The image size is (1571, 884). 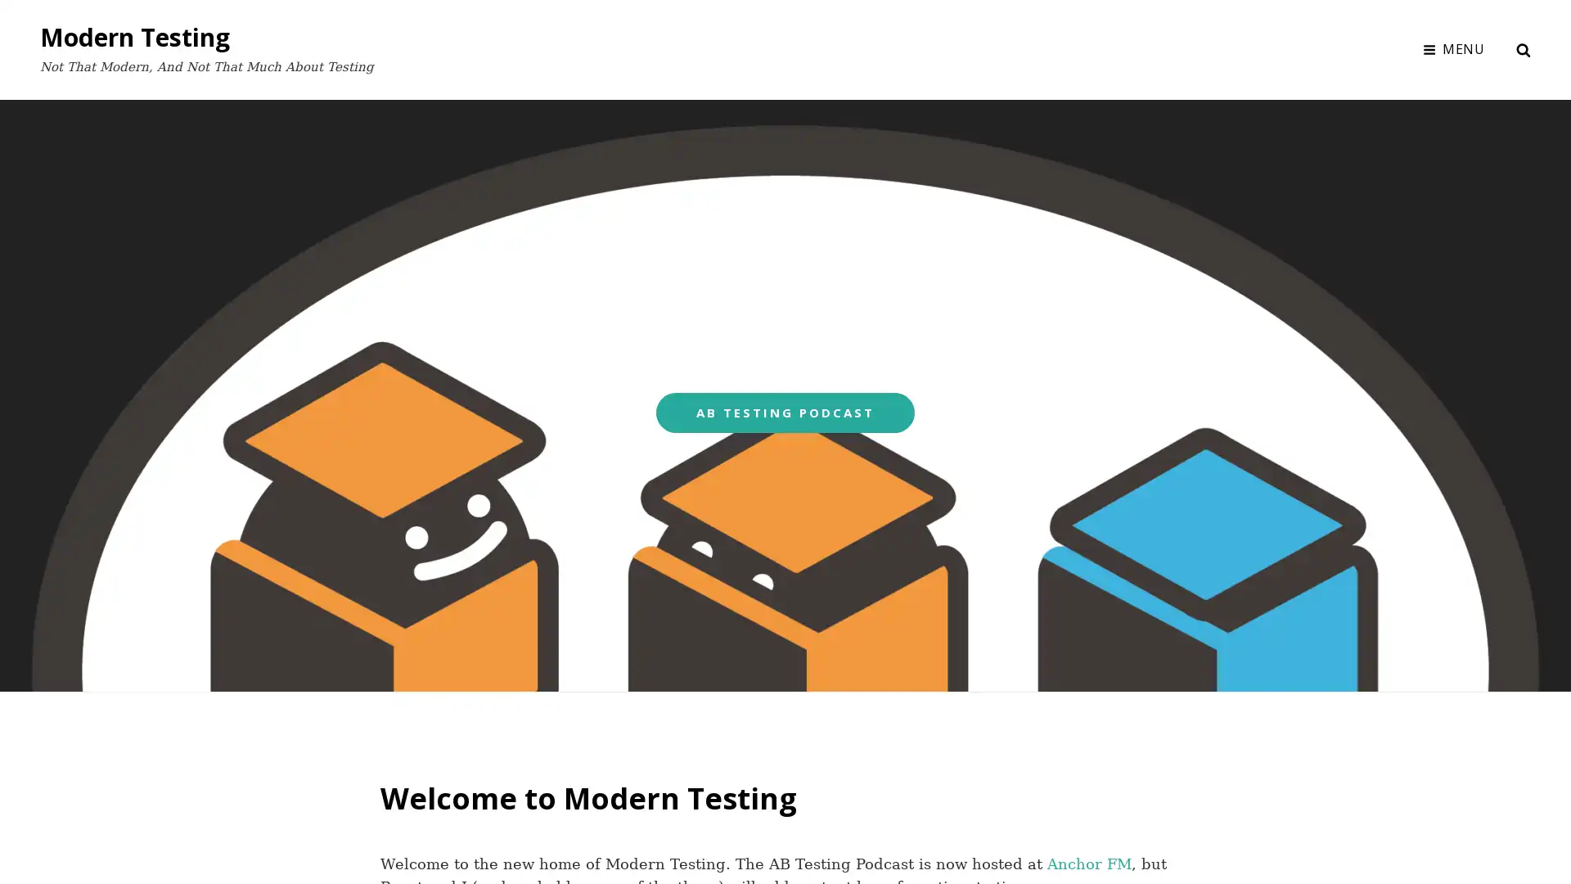 I want to click on SEARCH, so click(x=1523, y=48).